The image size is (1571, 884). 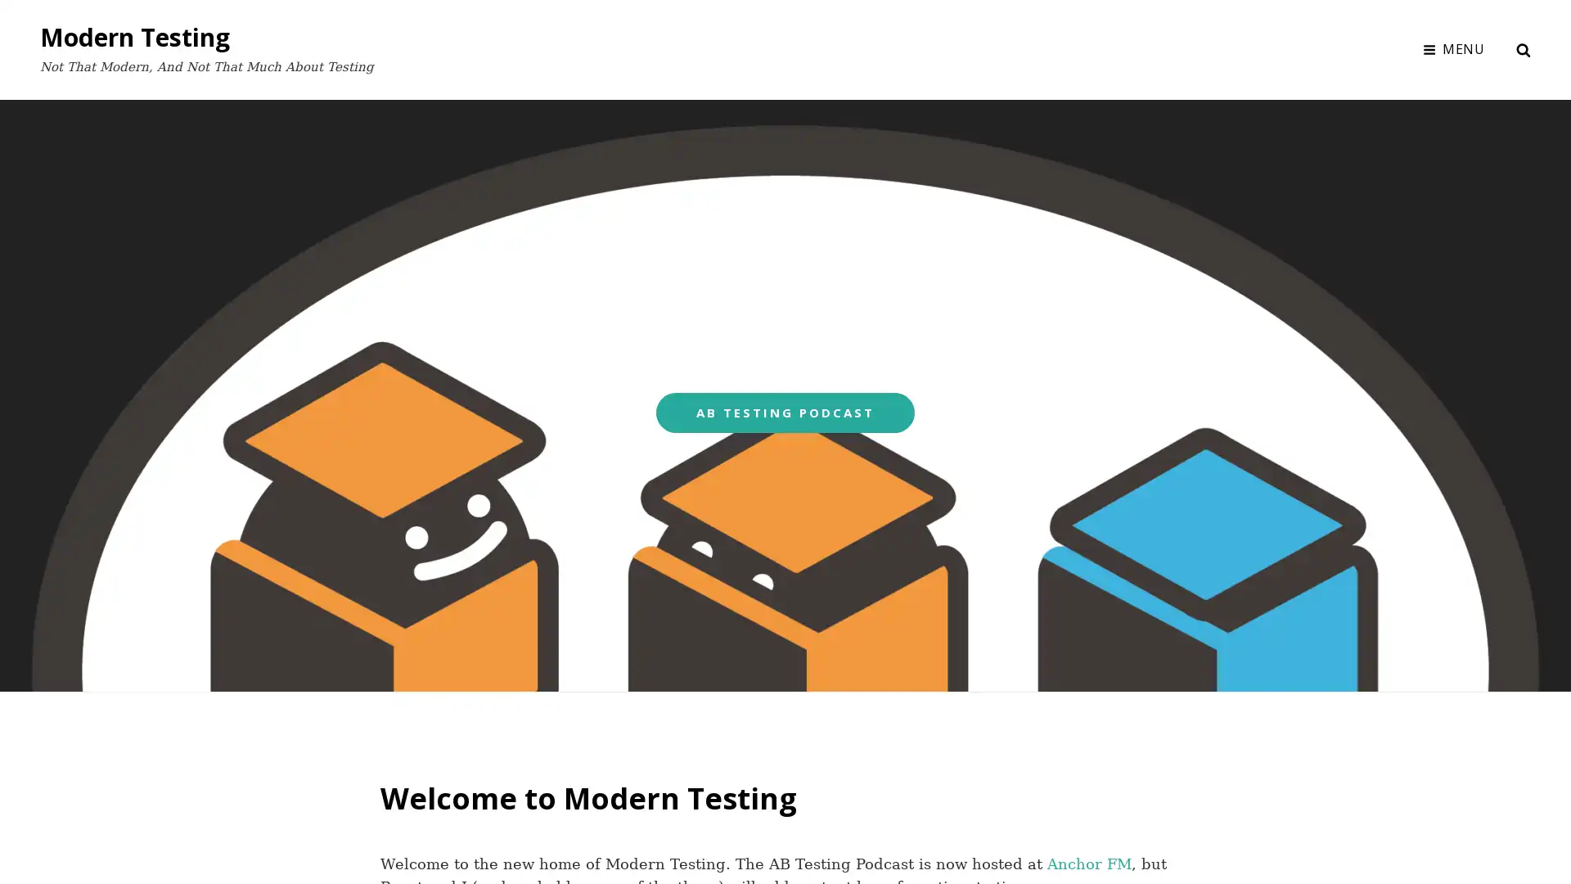 I want to click on SEARCH, so click(x=1523, y=48).